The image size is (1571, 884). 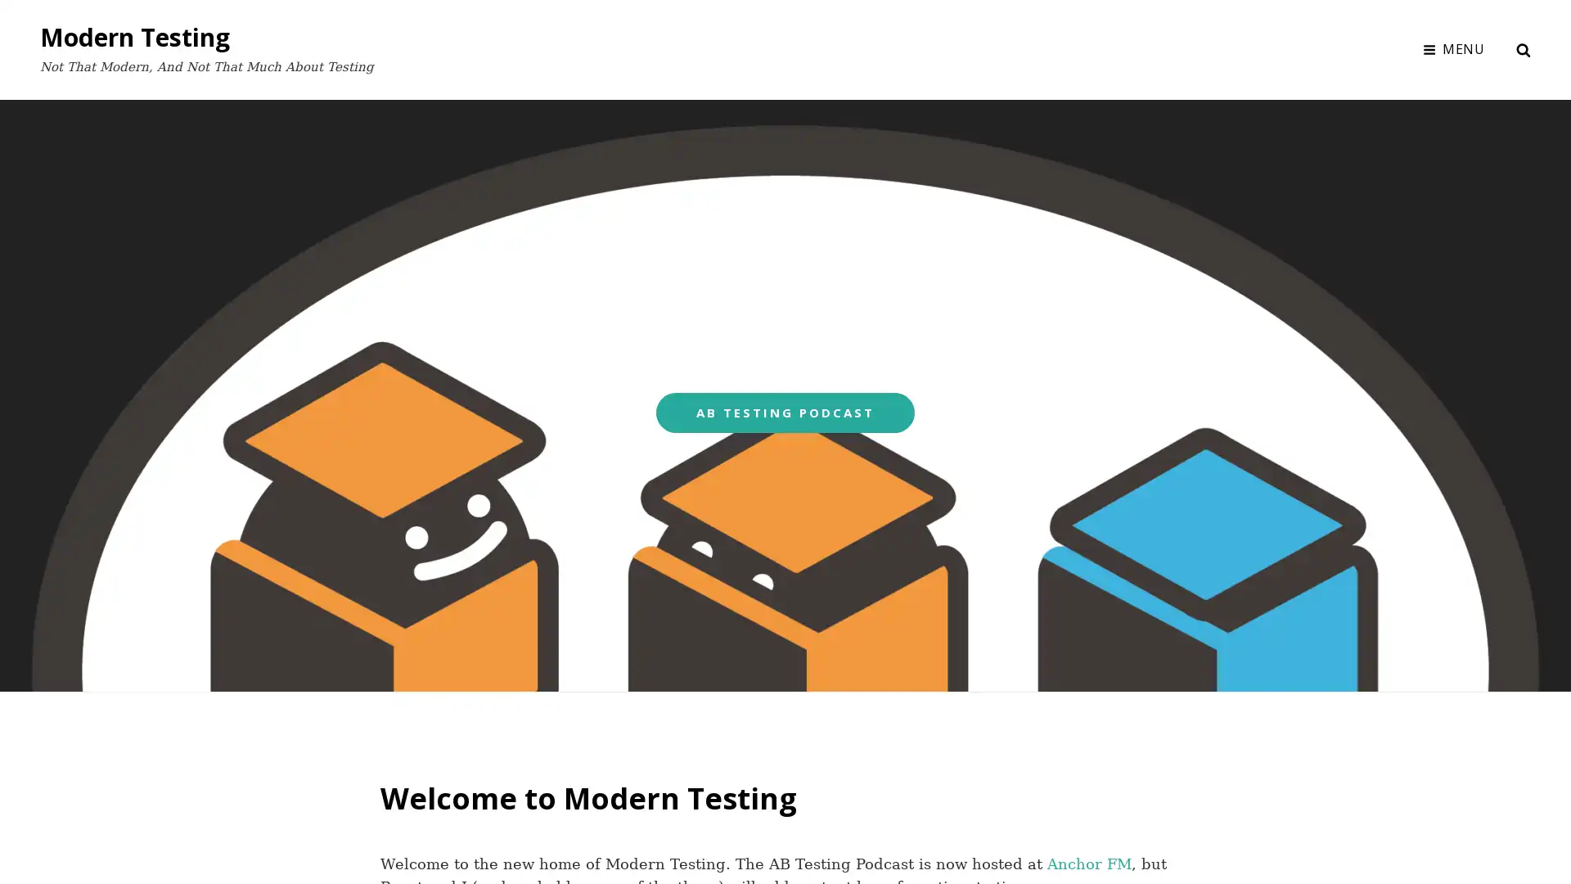 I want to click on SEARCH, so click(x=1523, y=48).